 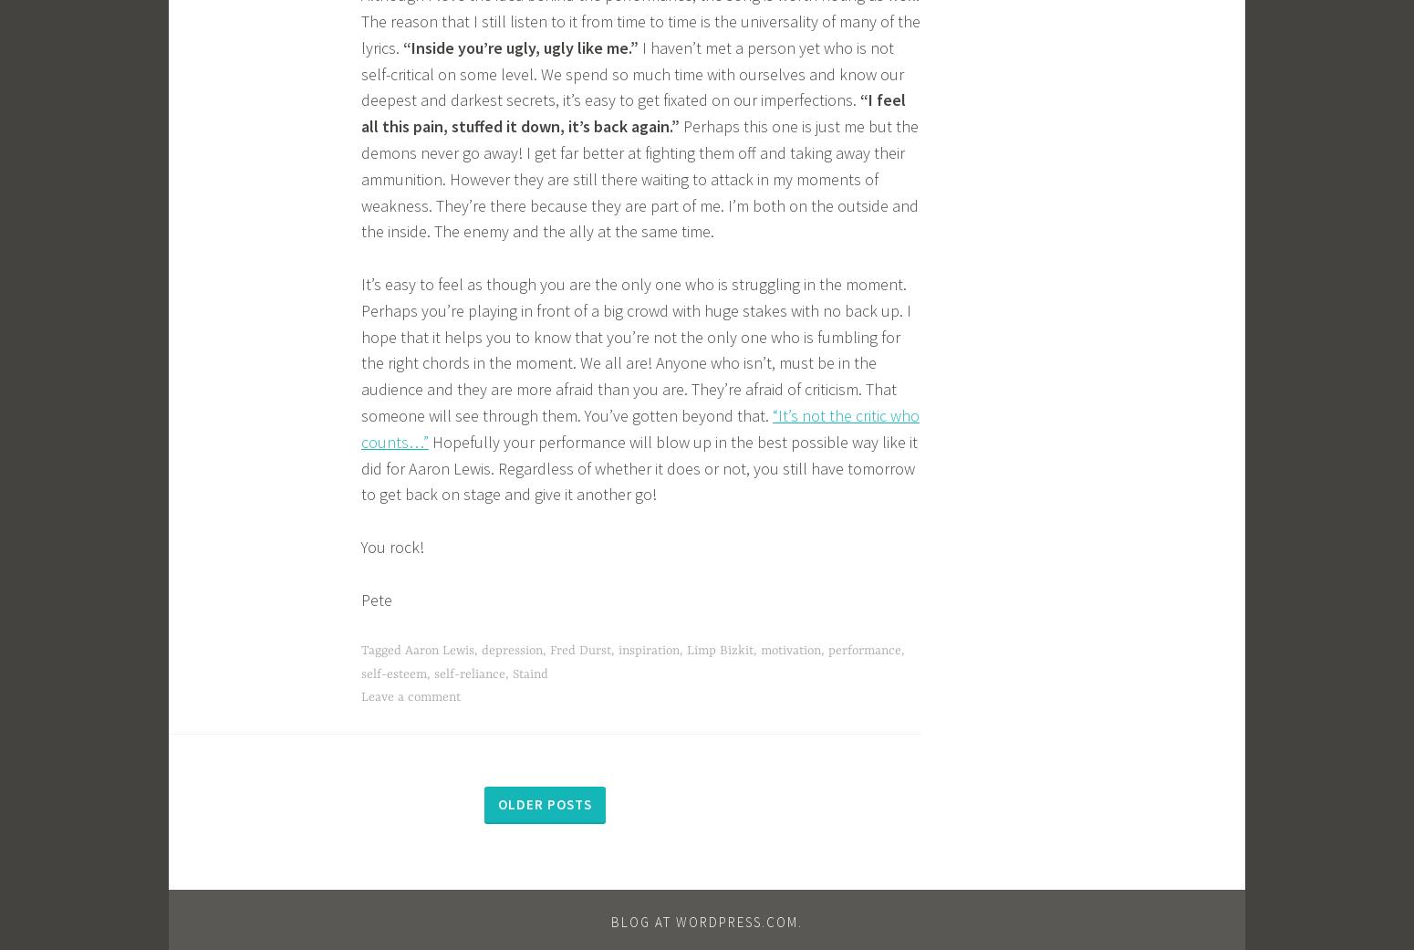 I want to click on 'inspiration', so click(x=649, y=649).